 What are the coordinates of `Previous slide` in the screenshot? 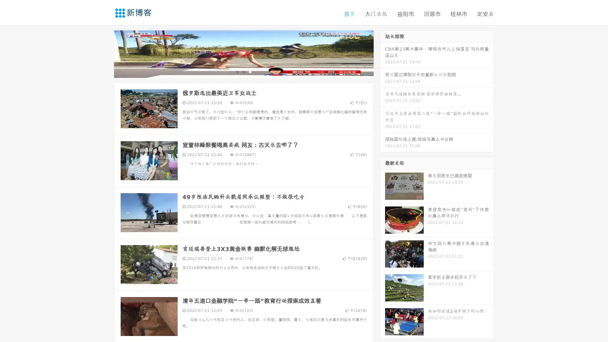 It's located at (104, 53).